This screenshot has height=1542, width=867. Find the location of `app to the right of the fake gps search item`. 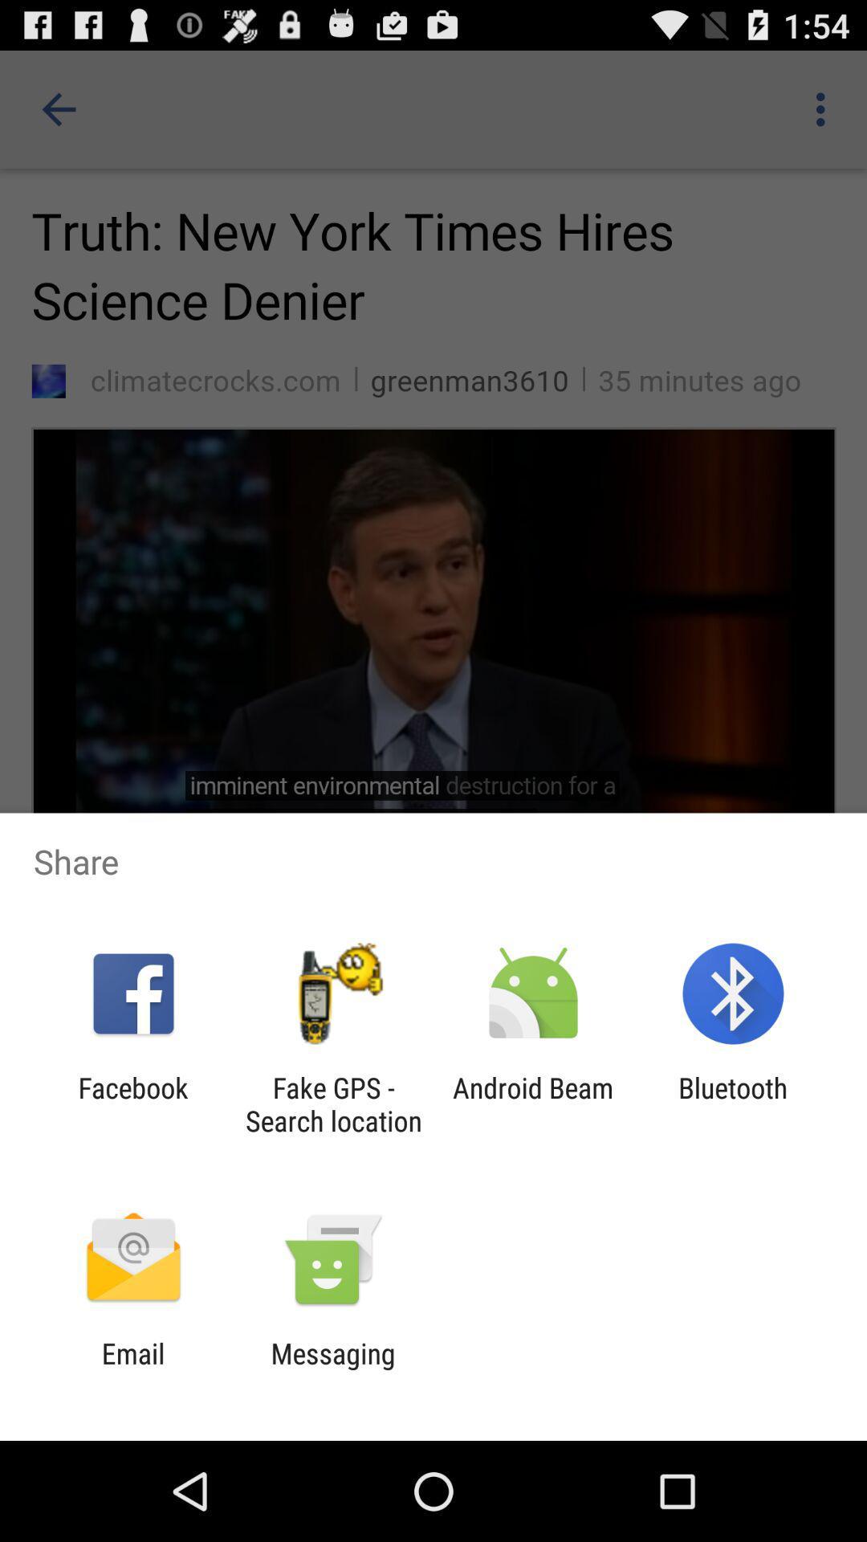

app to the right of the fake gps search item is located at coordinates (533, 1103).